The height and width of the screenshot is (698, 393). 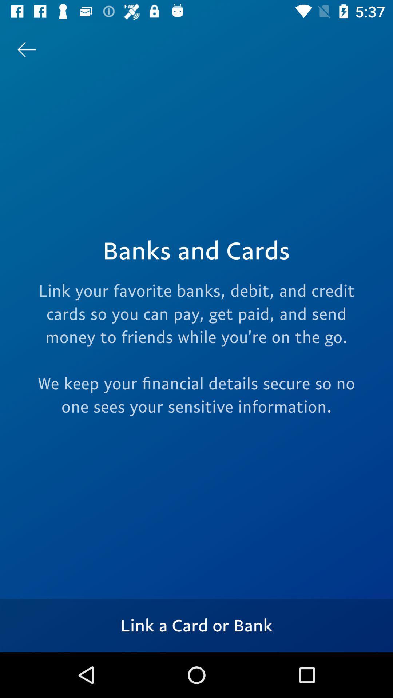 I want to click on the icon below the link your favorite icon, so click(x=196, y=625).